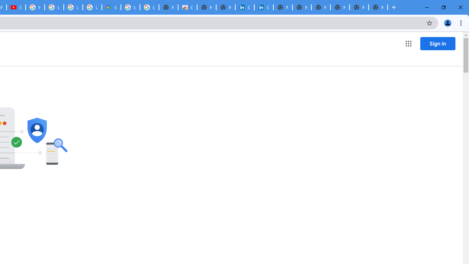 This screenshot has height=264, width=469. What do you see at coordinates (35, 7) in the screenshot?
I see `'How Chrome protects your passwords - Google Chrome Help'` at bounding box center [35, 7].